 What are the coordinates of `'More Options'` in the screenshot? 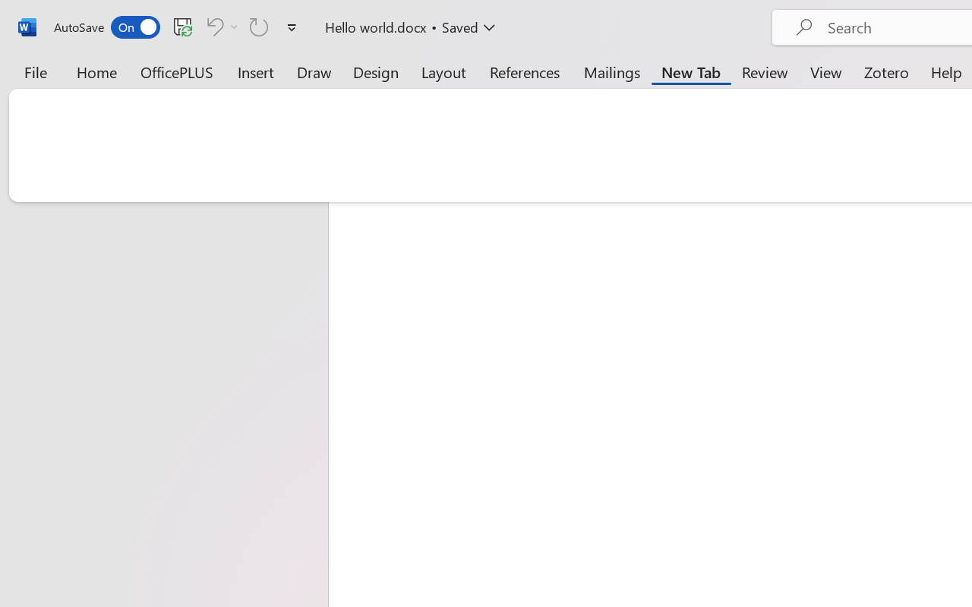 It's located at (234, 26).